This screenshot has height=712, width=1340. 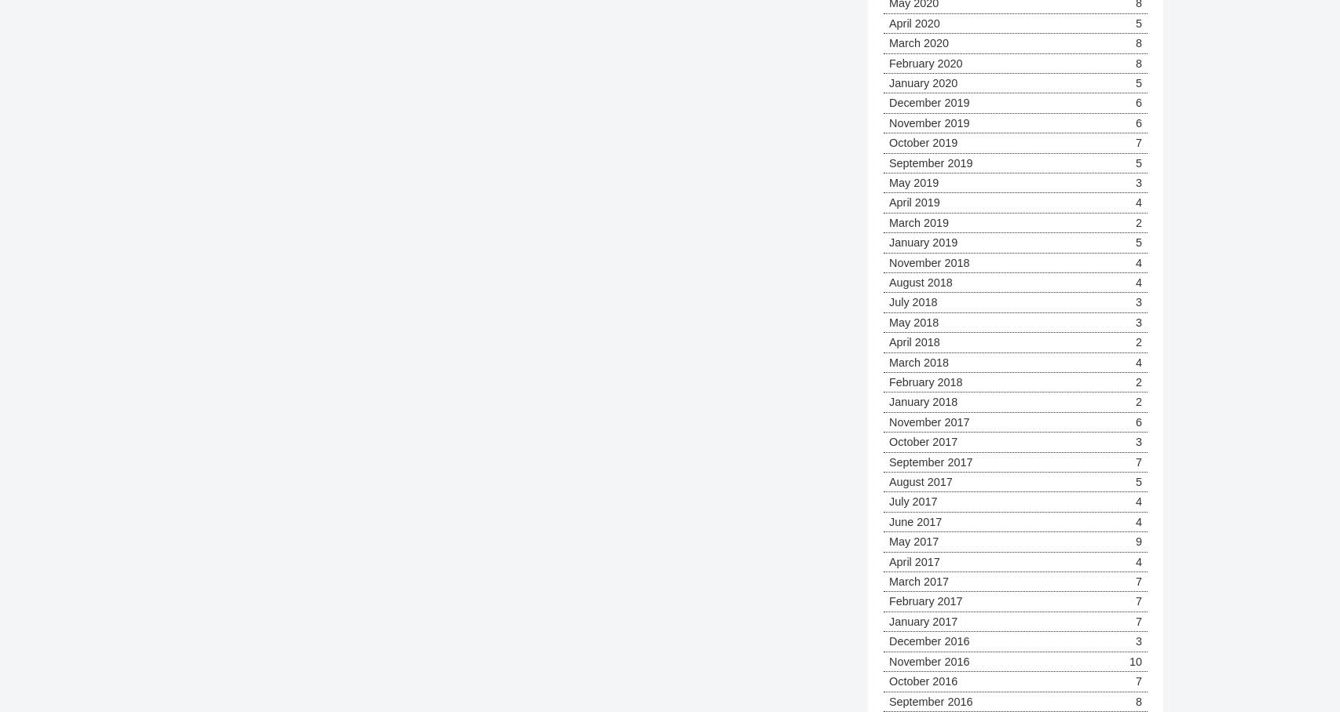 I want to click on 'February 2017', so click(x=925, y=600).